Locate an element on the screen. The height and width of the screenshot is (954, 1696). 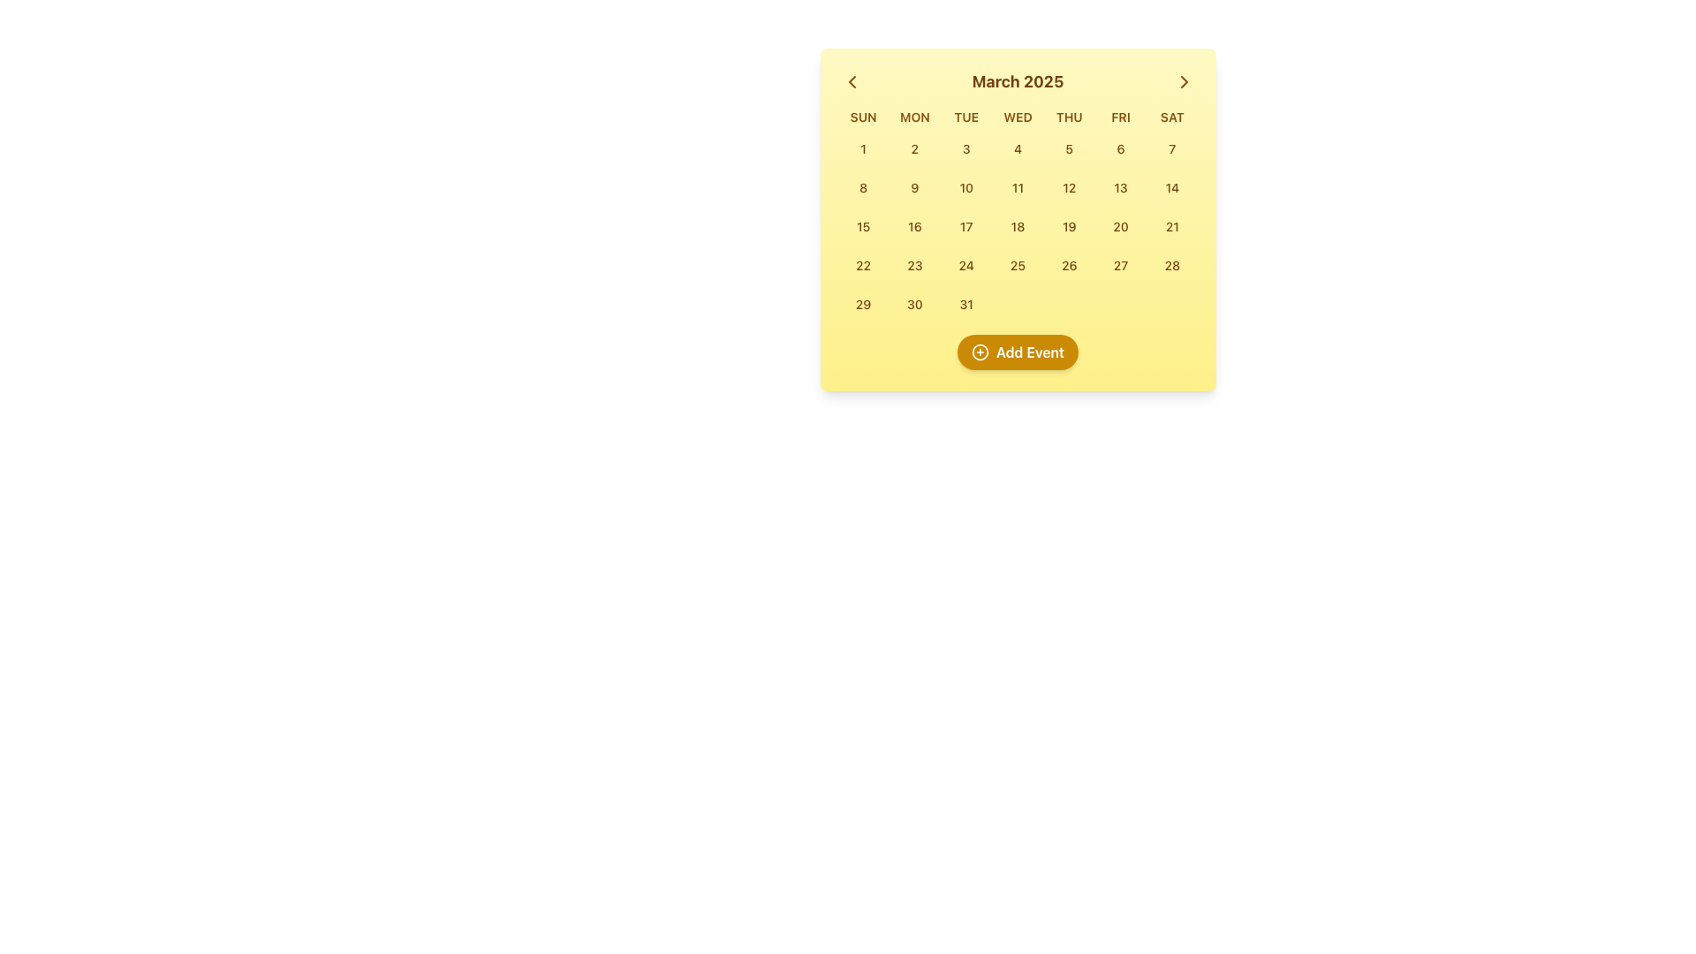
the text label representing the first day of the month in the calendar interface, located under the 'SUN' column header is located at coordinates (863, 148).